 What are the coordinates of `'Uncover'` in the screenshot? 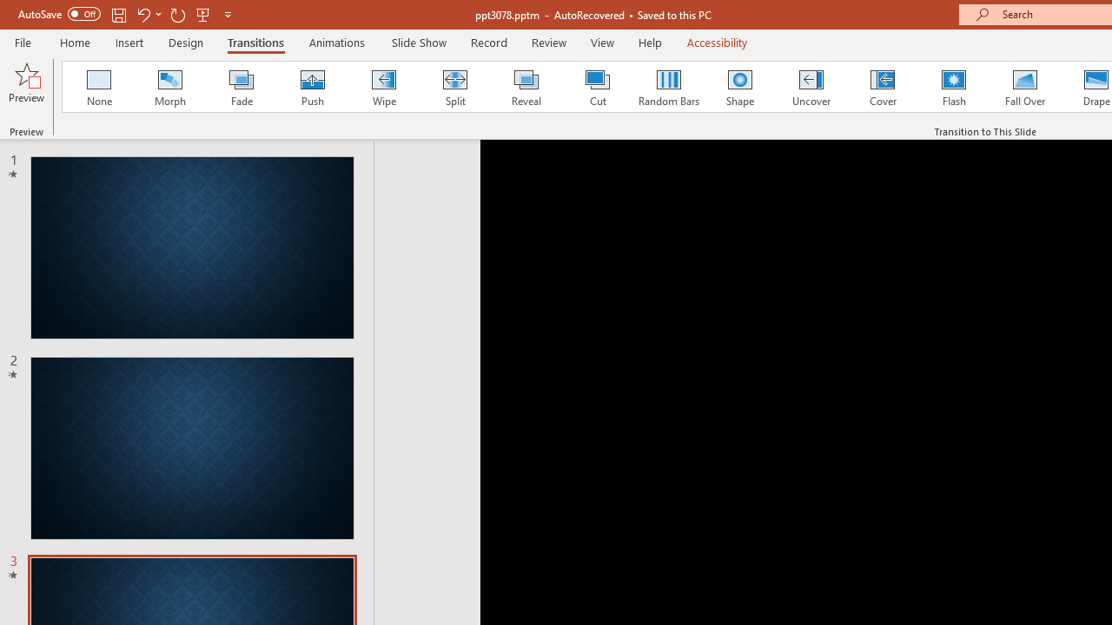 It's located at (811, 87).